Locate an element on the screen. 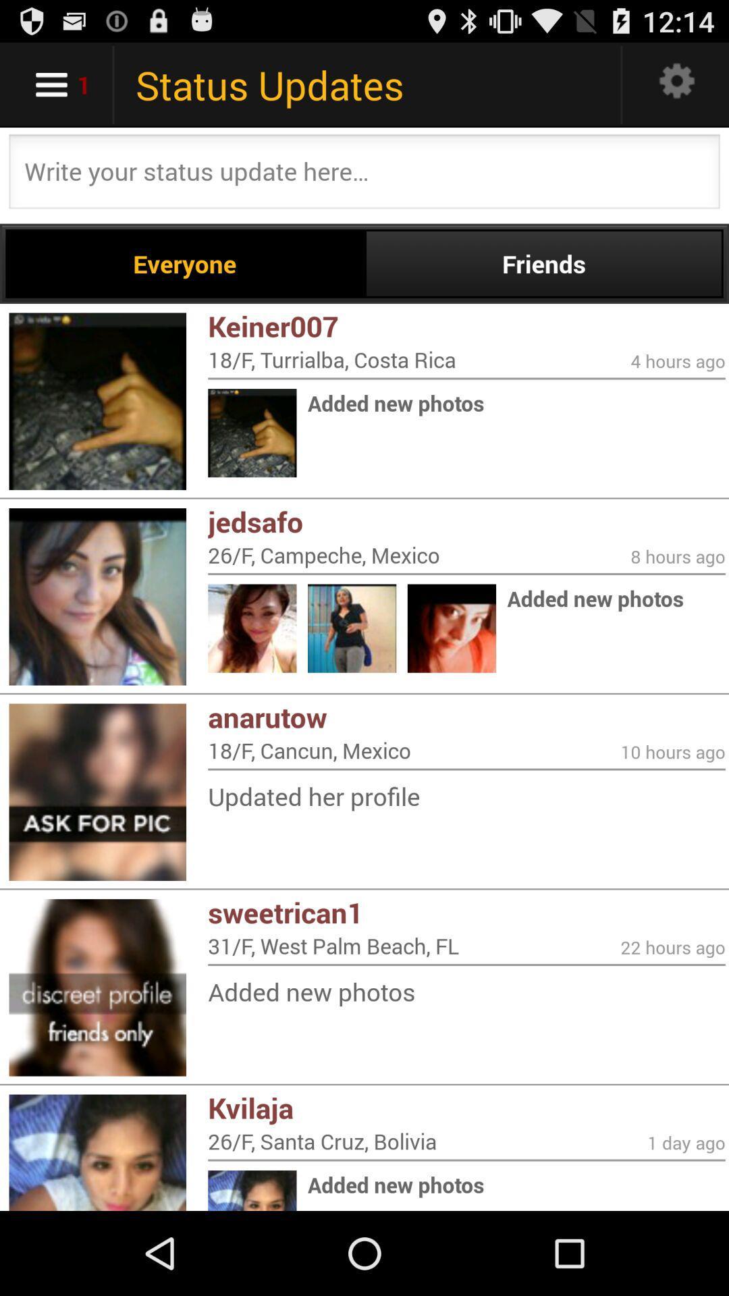  the everyone icon is located at coordinates (185, 263).